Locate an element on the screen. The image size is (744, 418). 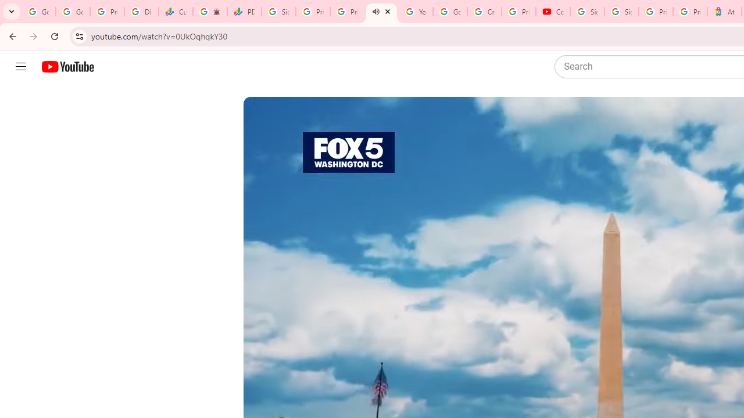
'YouTube Home' is located at coordinates (67, 67).